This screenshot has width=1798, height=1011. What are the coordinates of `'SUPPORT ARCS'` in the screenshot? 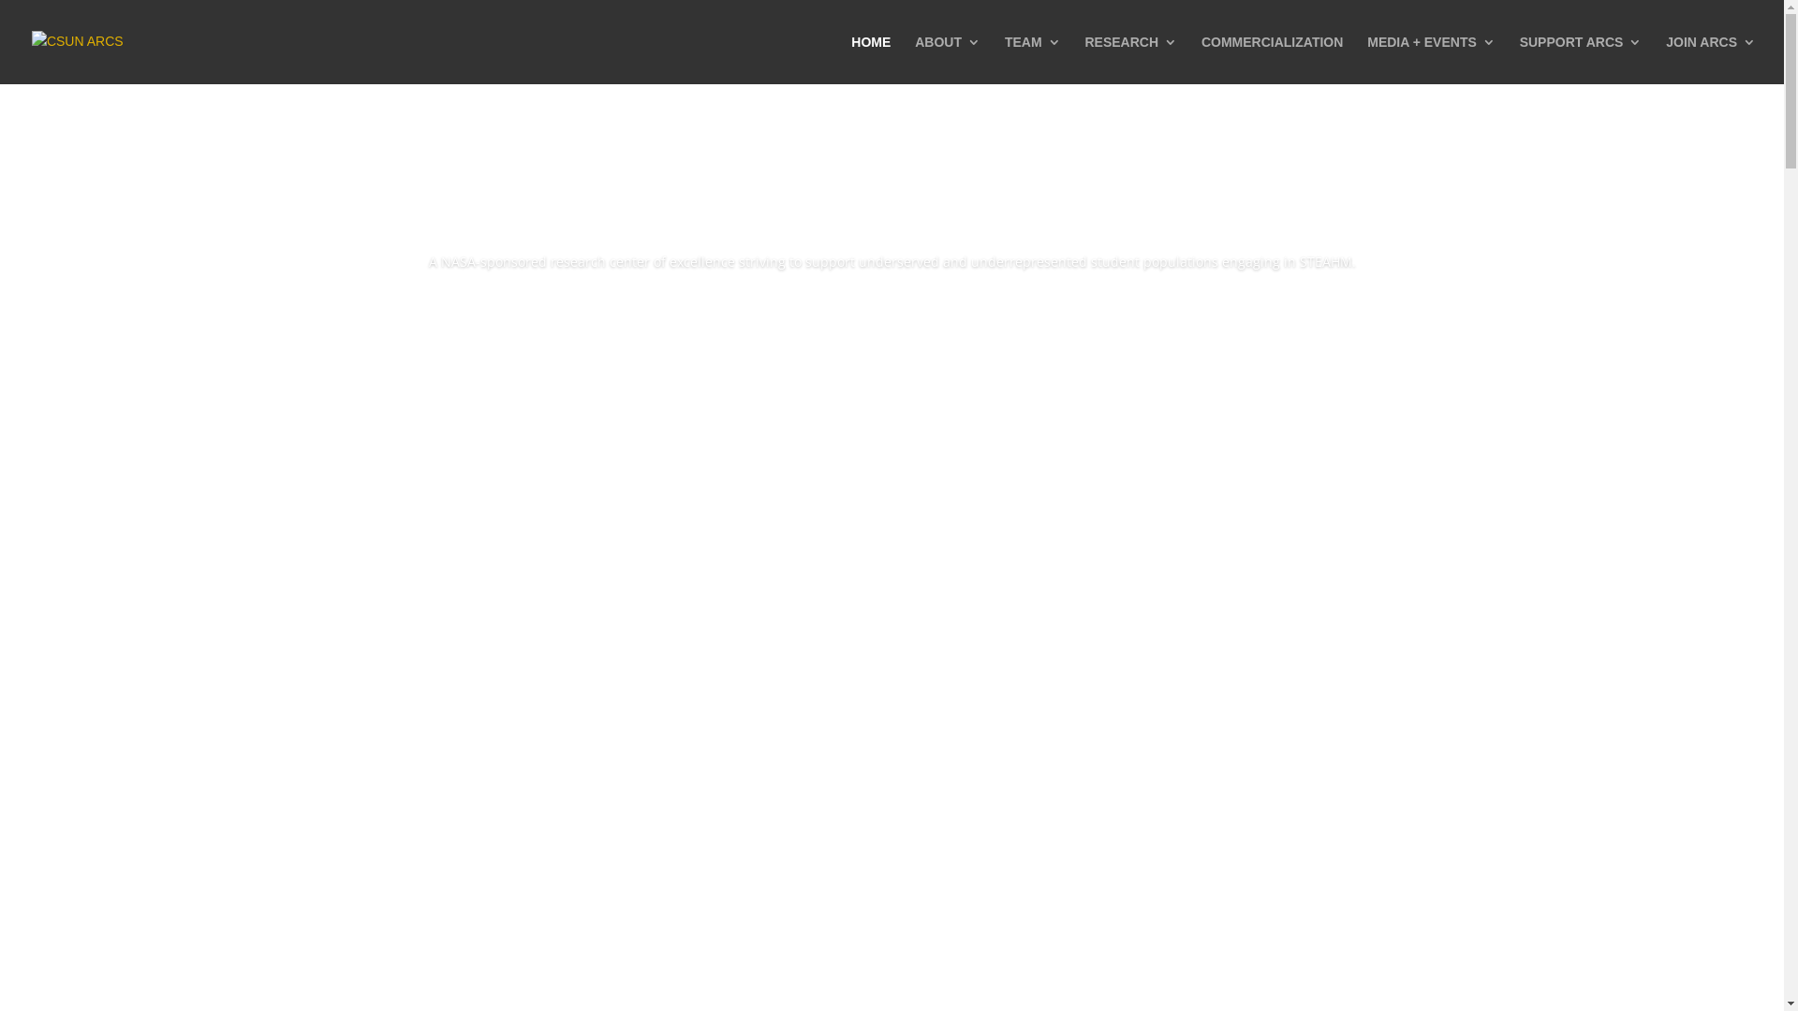 It's located at (1580, 59).